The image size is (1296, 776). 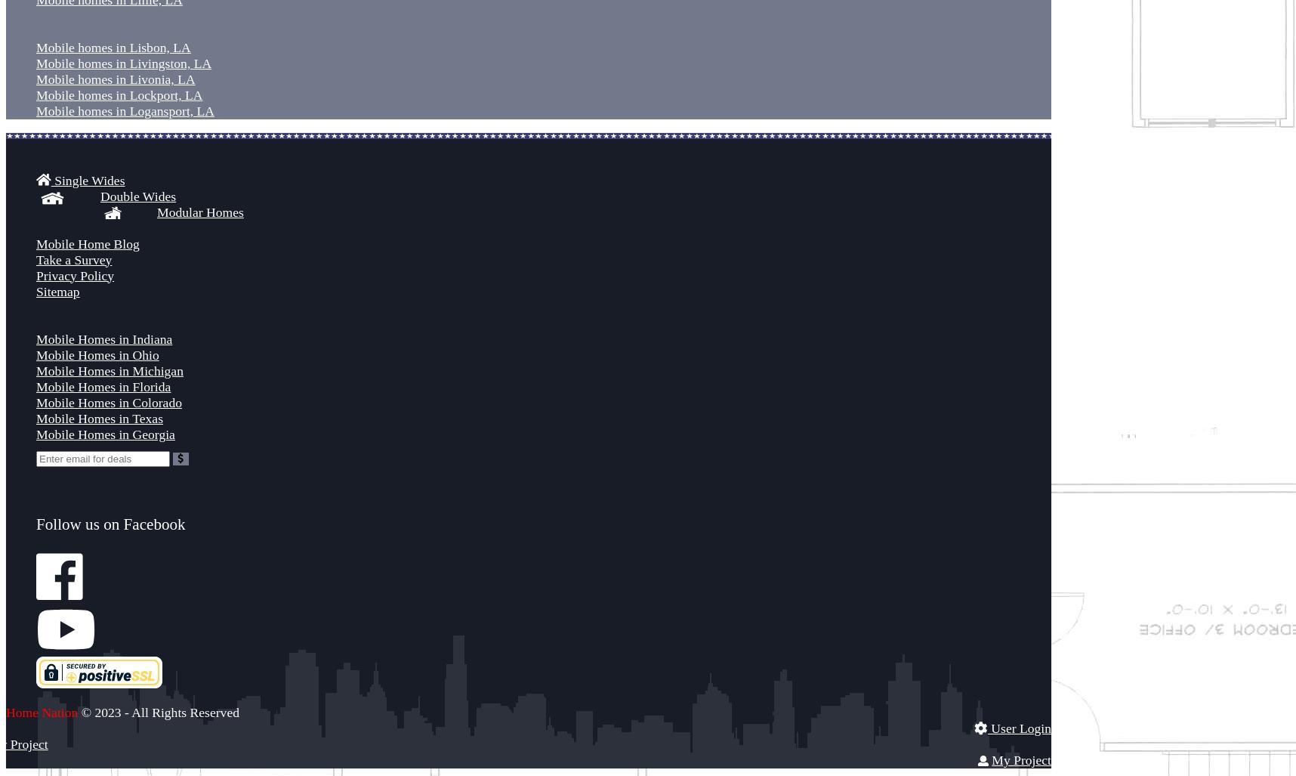 I want to click on 'Mobile homes in Livingston, LA', so click(x=124, y=63).